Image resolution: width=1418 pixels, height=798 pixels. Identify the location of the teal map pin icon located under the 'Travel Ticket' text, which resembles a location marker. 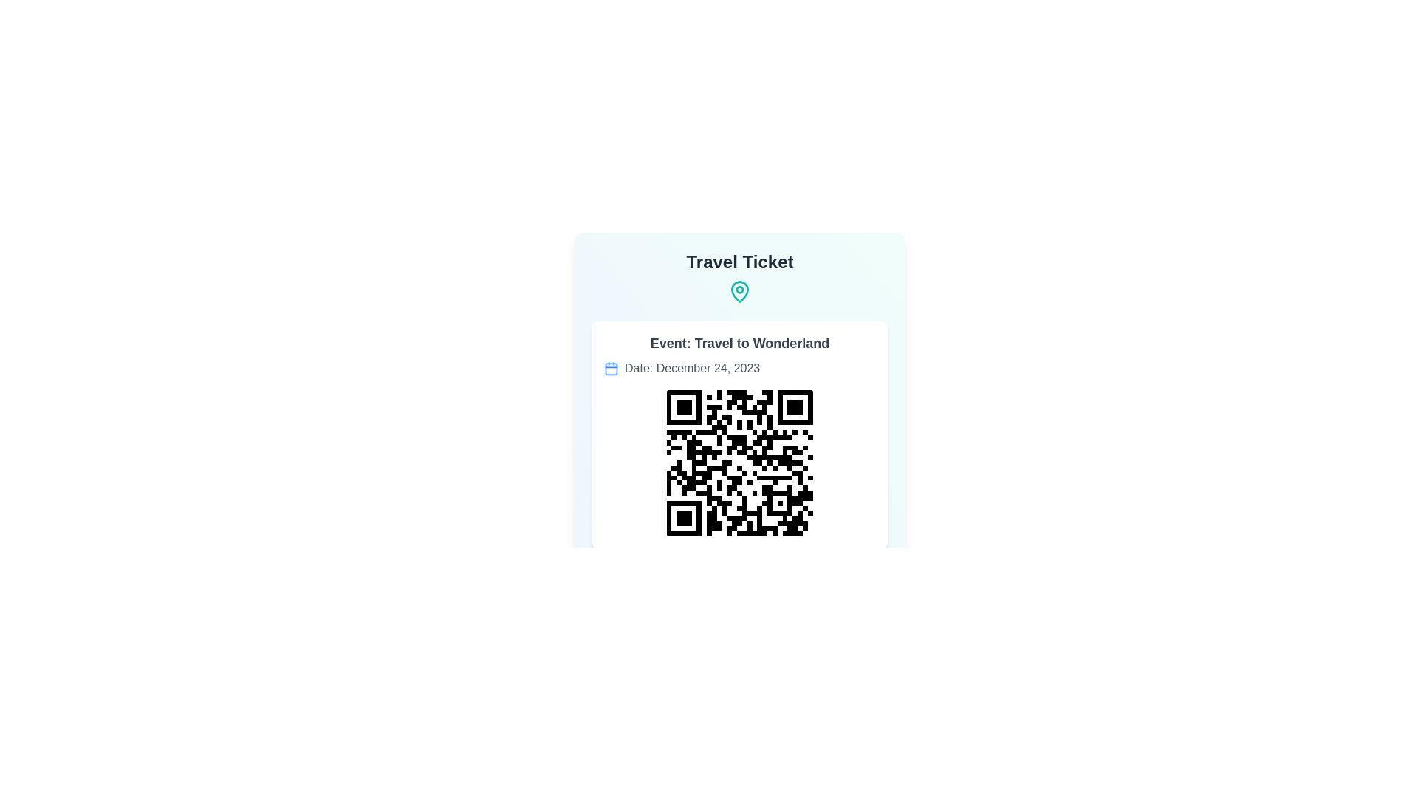
(740, 291).